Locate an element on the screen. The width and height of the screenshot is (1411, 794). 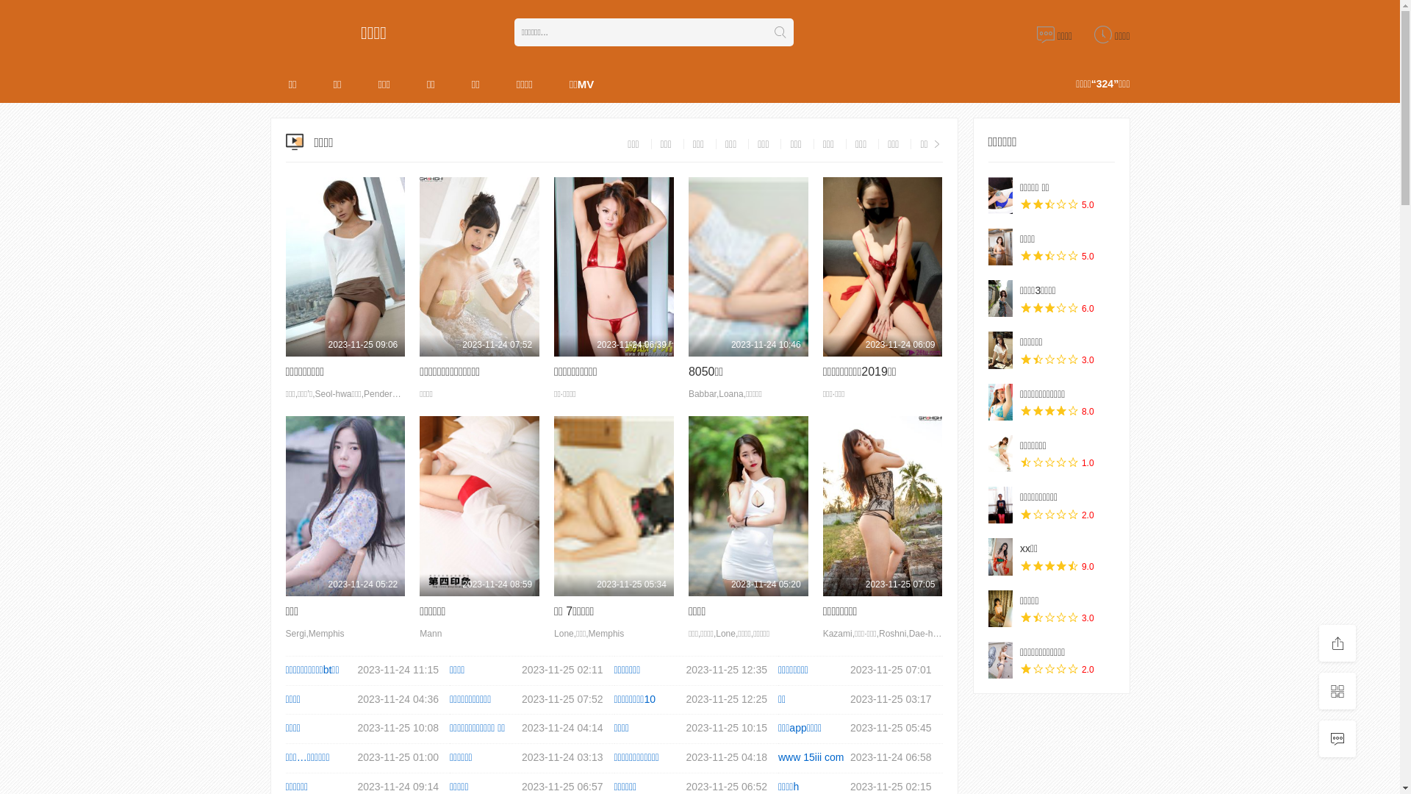
'2023-11-24 06:39' is located at coordinates (553, 266).